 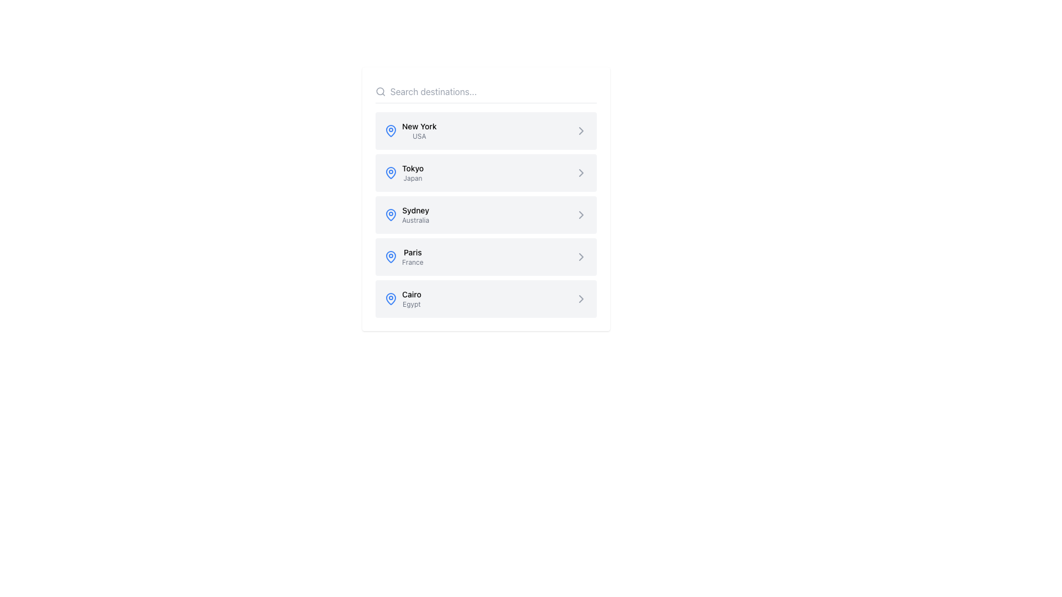 What do you see at coordinates (391, 172) in the screenshot?
I see `the blue map pin icon located directly to the left of the text 'Tokyo' in the second row of the list` at bounding box center [391, 172].